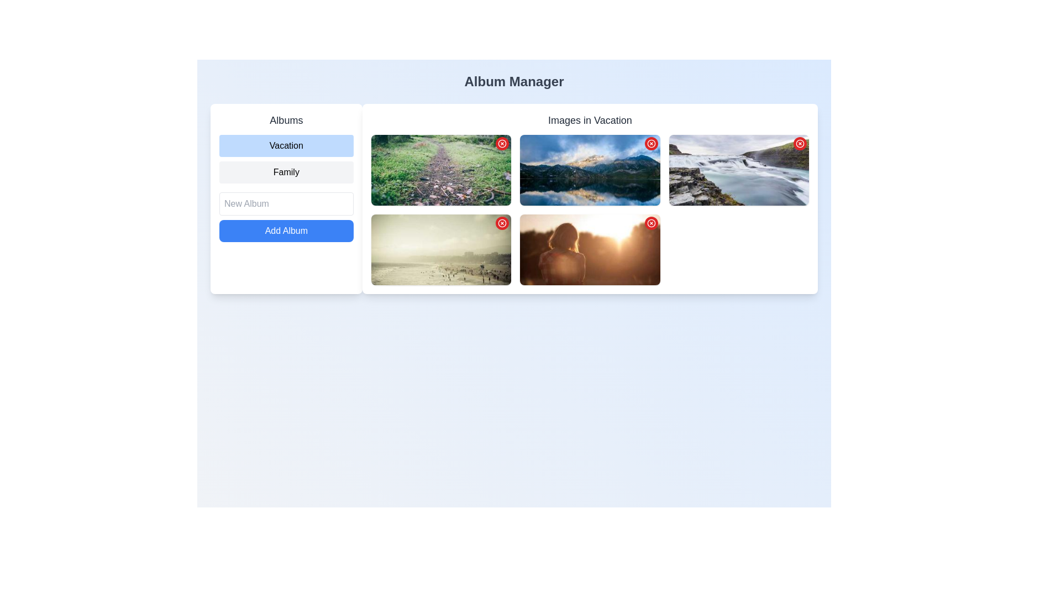 The width and height of the screenshot is (1061, 597). I want to click on the 'Vacation' section in the Grouped selectable items located in the left-side panel under the heading 'Albums', so click(286, 159).